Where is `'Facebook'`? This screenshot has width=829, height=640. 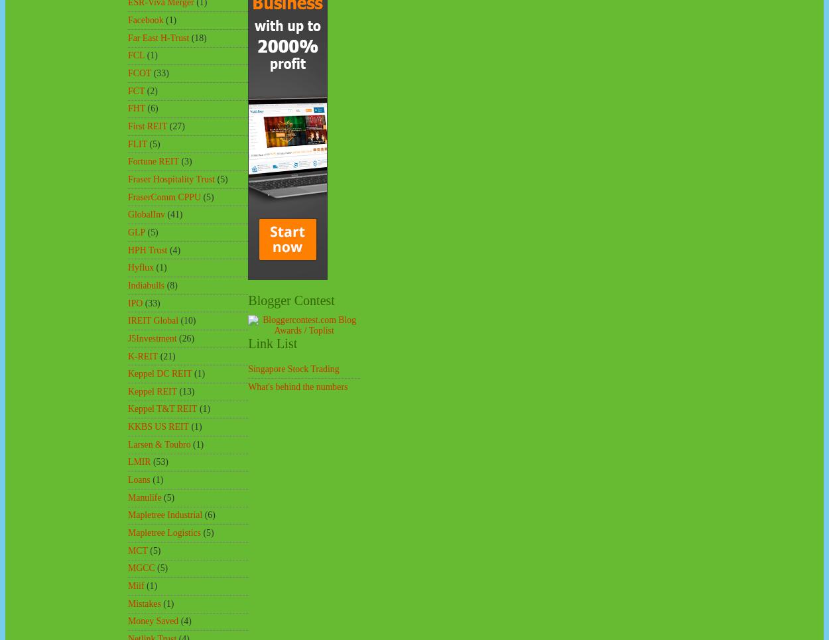 'Facebook' is located at coordinates (145, 19).